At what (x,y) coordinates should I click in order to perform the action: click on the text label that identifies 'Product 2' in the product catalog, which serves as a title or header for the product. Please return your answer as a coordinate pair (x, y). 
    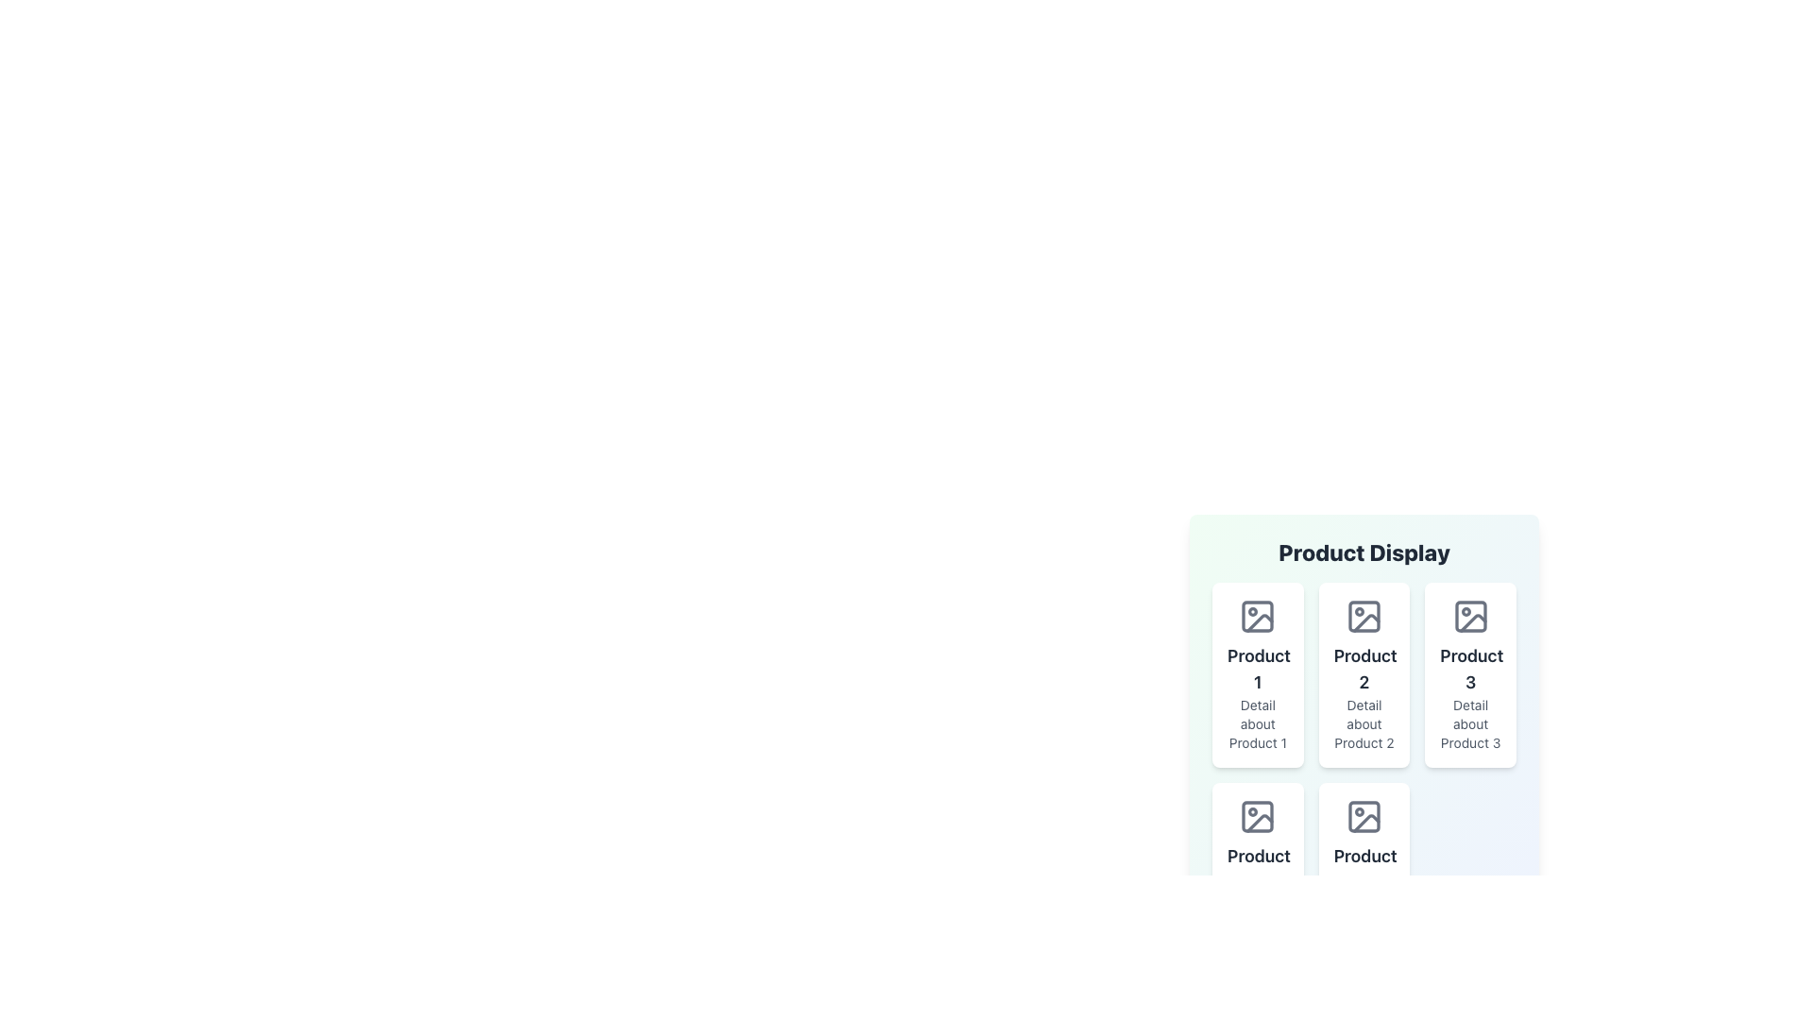
    Looking at the image, I should click on (1364, 669).